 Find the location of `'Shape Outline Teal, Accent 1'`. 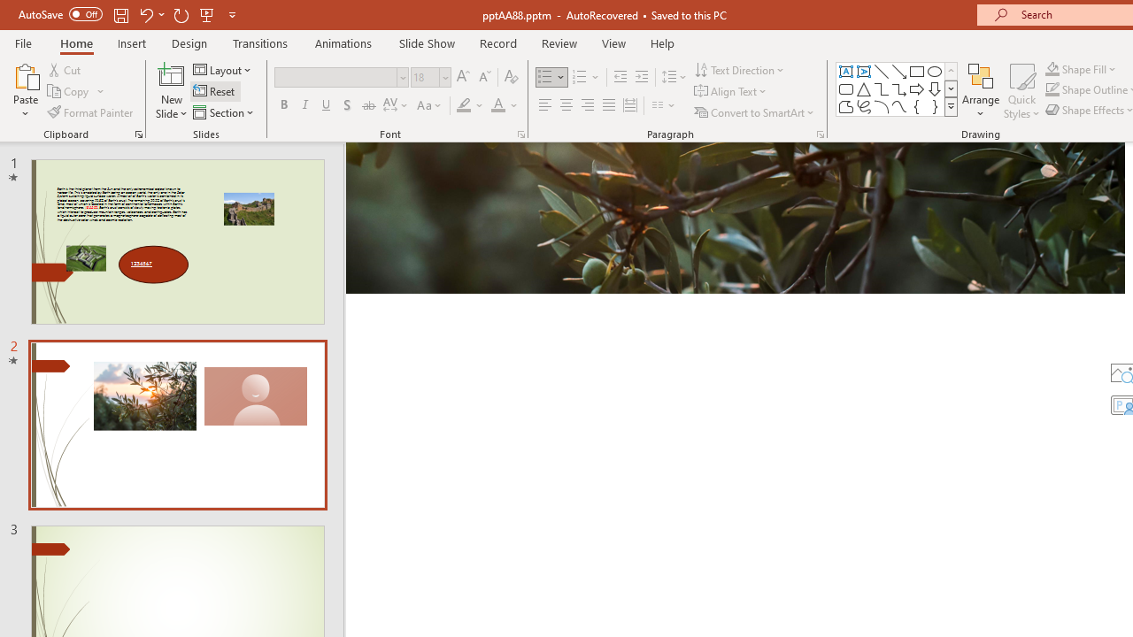

'Shape Outline Teal, Accent 1' is located at coordinates (1052, 89).